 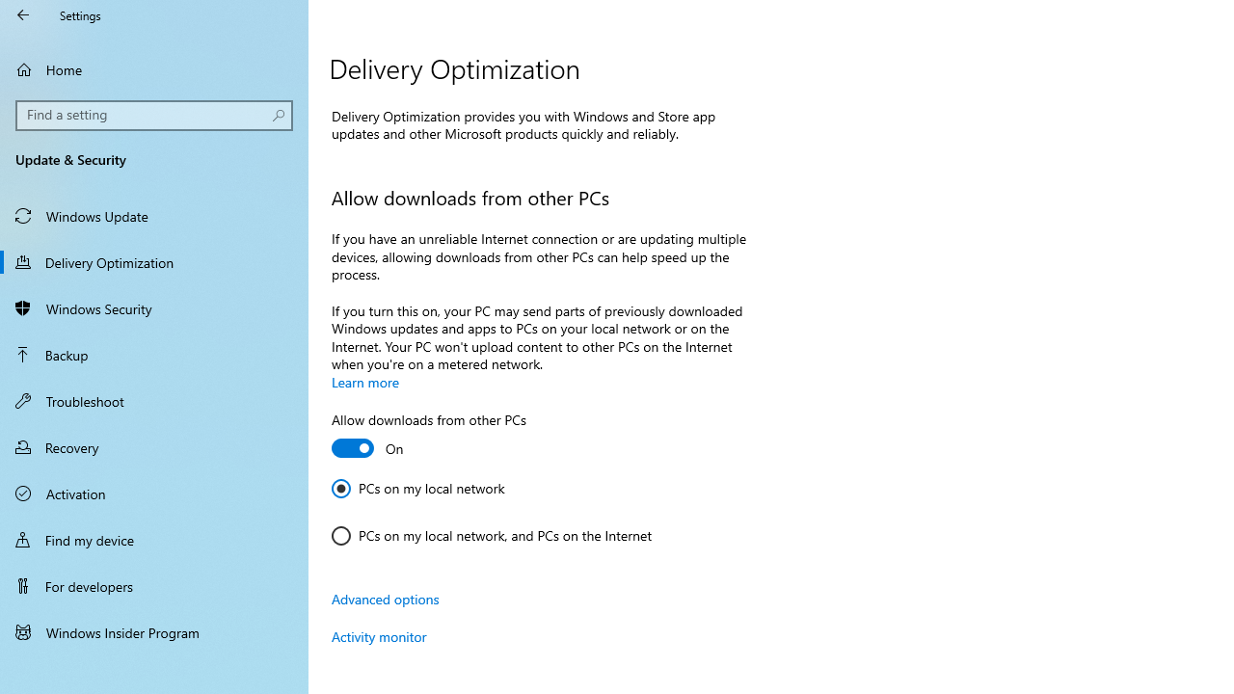 I want to click on 'Windows Update', so click(x=154, y=215).